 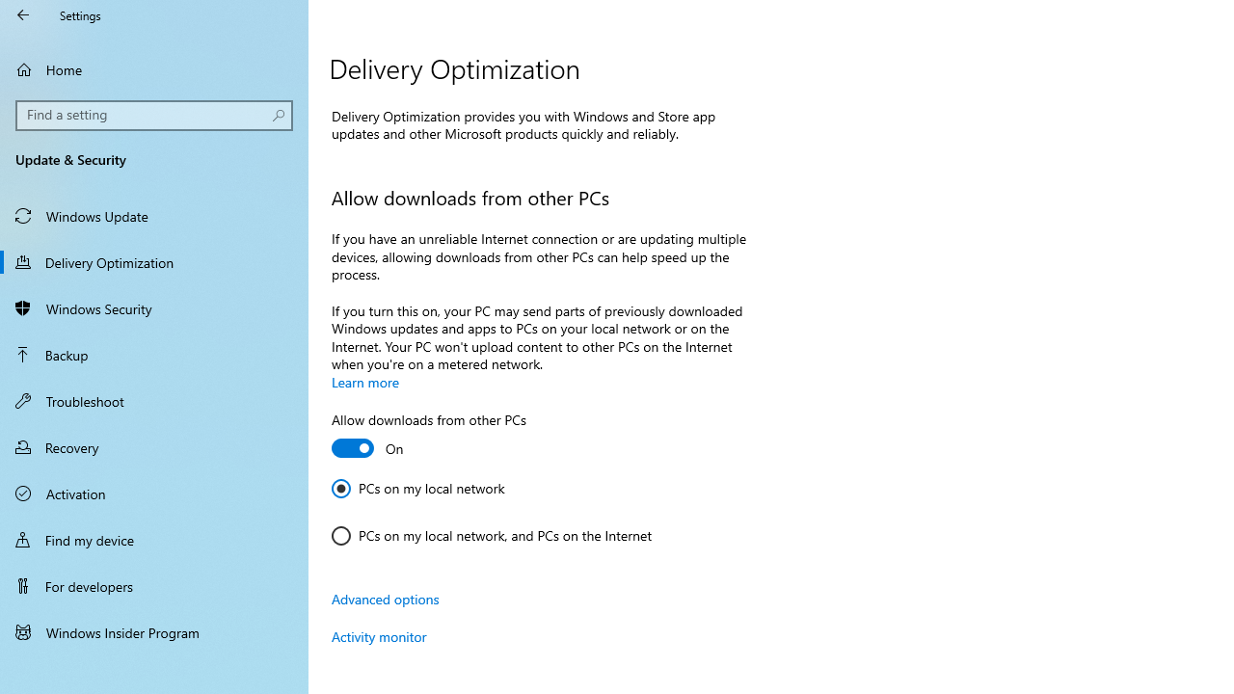 I want to click on 'Windows Update', so click(x=154, y=215).